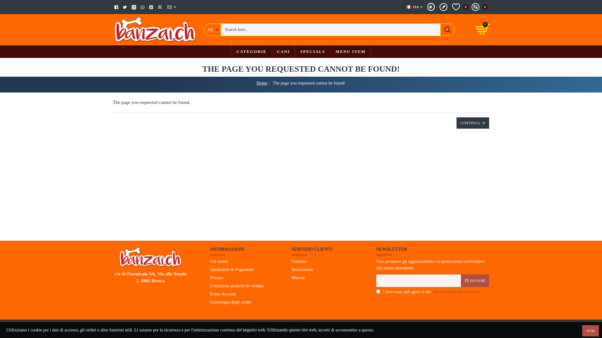 The image size is (602, 338). Describe the element at coordinates (283, 51) in the screenshot. I see `'CANI'` at that location.